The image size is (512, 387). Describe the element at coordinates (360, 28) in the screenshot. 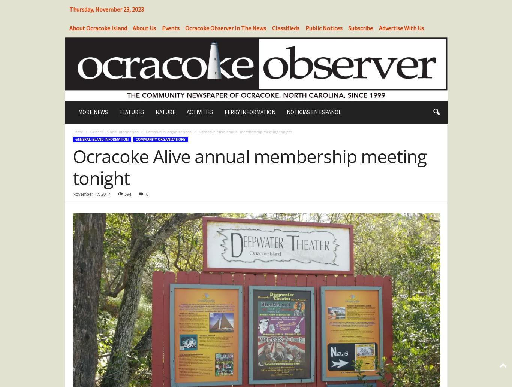

I see `'Subscribe'` at that location.